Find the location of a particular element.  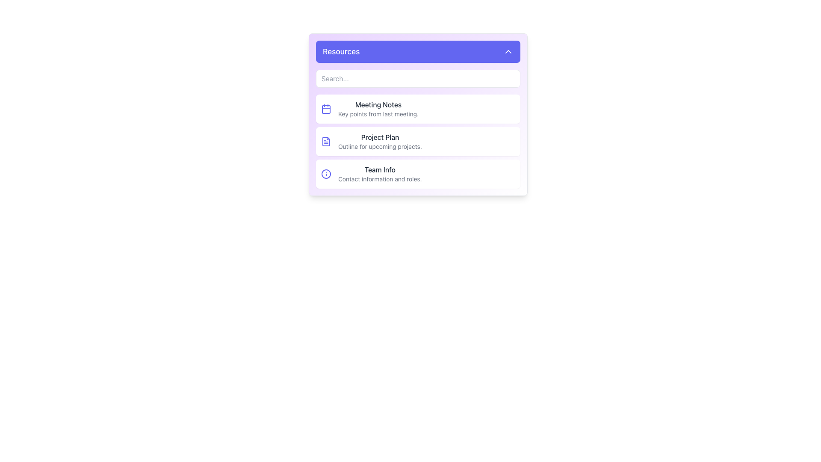

the clickable Text Block with Title and Description located in the top section of the vertical list within the card is located at coordinates (378, 108).